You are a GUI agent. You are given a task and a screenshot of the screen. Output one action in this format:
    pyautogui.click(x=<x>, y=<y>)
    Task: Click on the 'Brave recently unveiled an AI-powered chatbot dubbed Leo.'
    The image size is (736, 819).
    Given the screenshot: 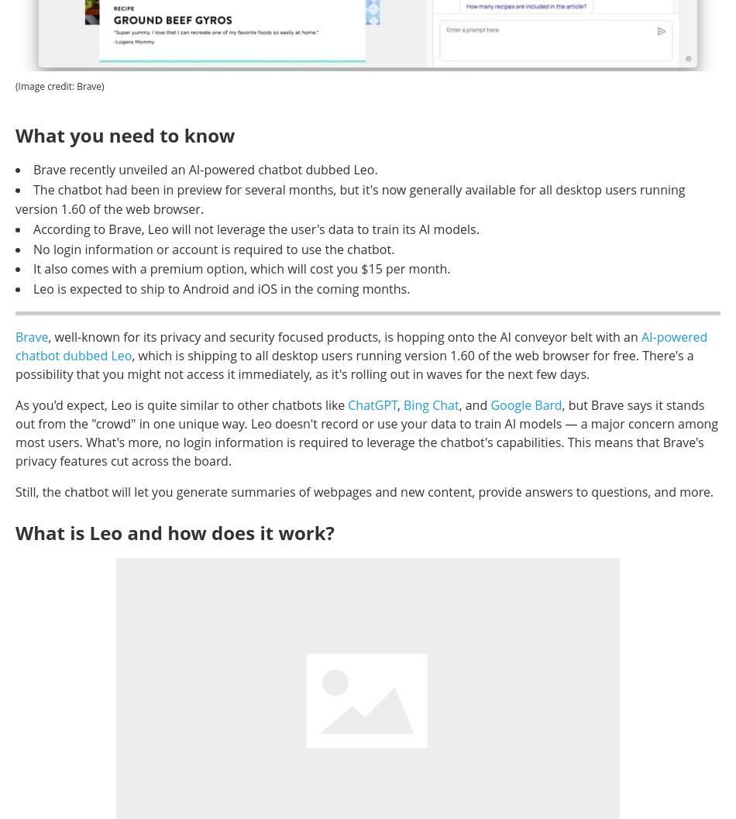 What is the action you would take?
    pyautogui.click(x=204, y=170)
    